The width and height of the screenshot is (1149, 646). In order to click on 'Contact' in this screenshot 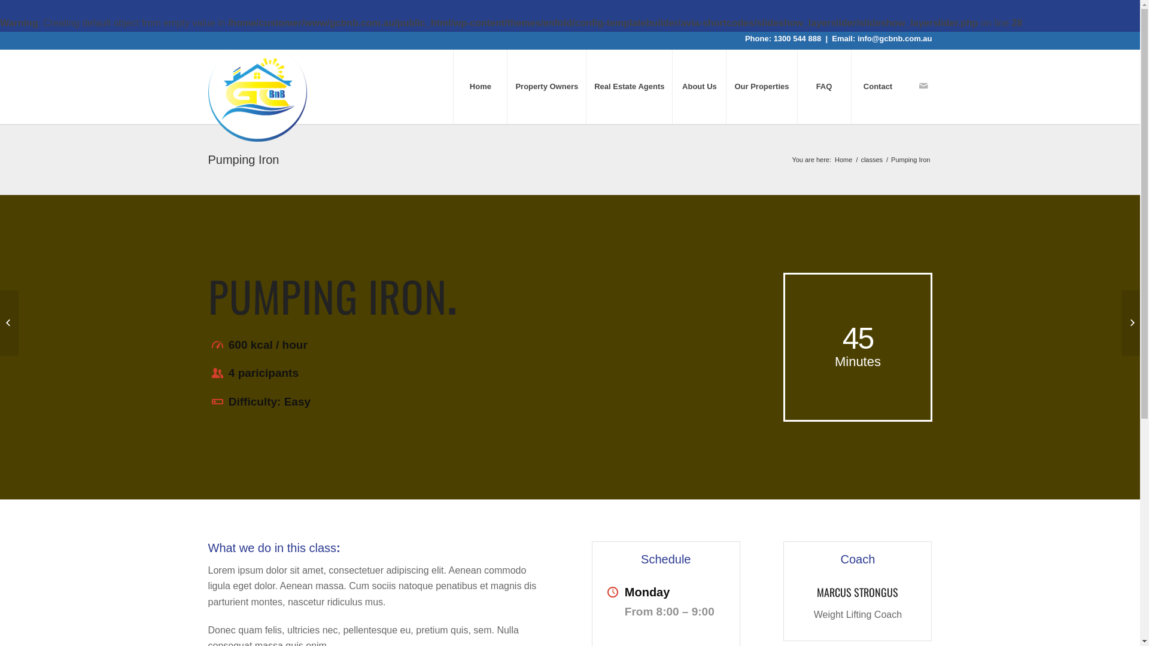, I will do `click(878, 86)`.